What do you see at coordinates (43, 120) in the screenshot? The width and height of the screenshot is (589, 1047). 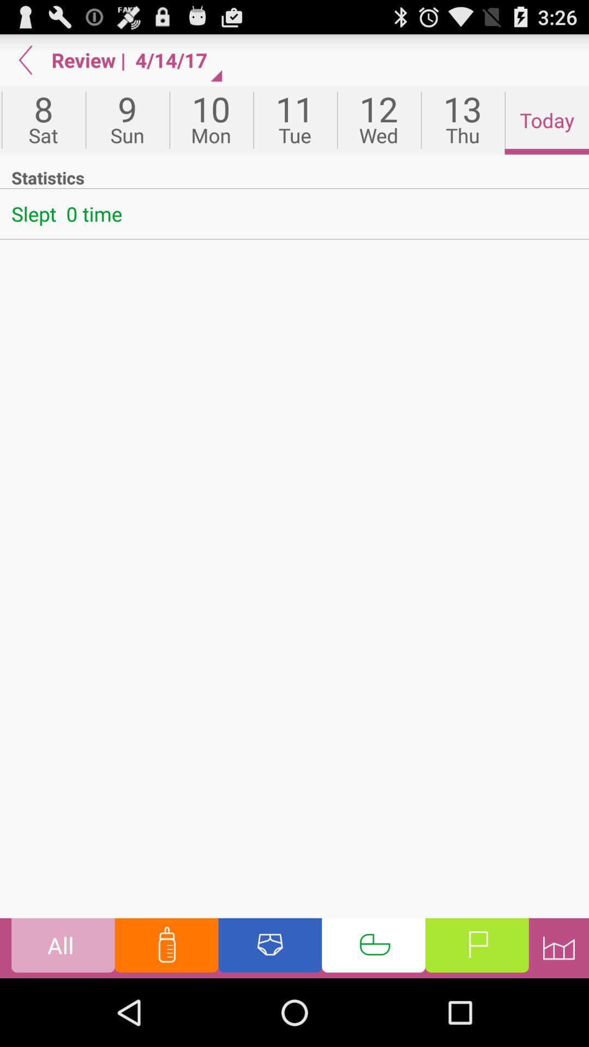 I see `the first option below the button which is on the top left corner of the web page` at bounding box center [43, 120].